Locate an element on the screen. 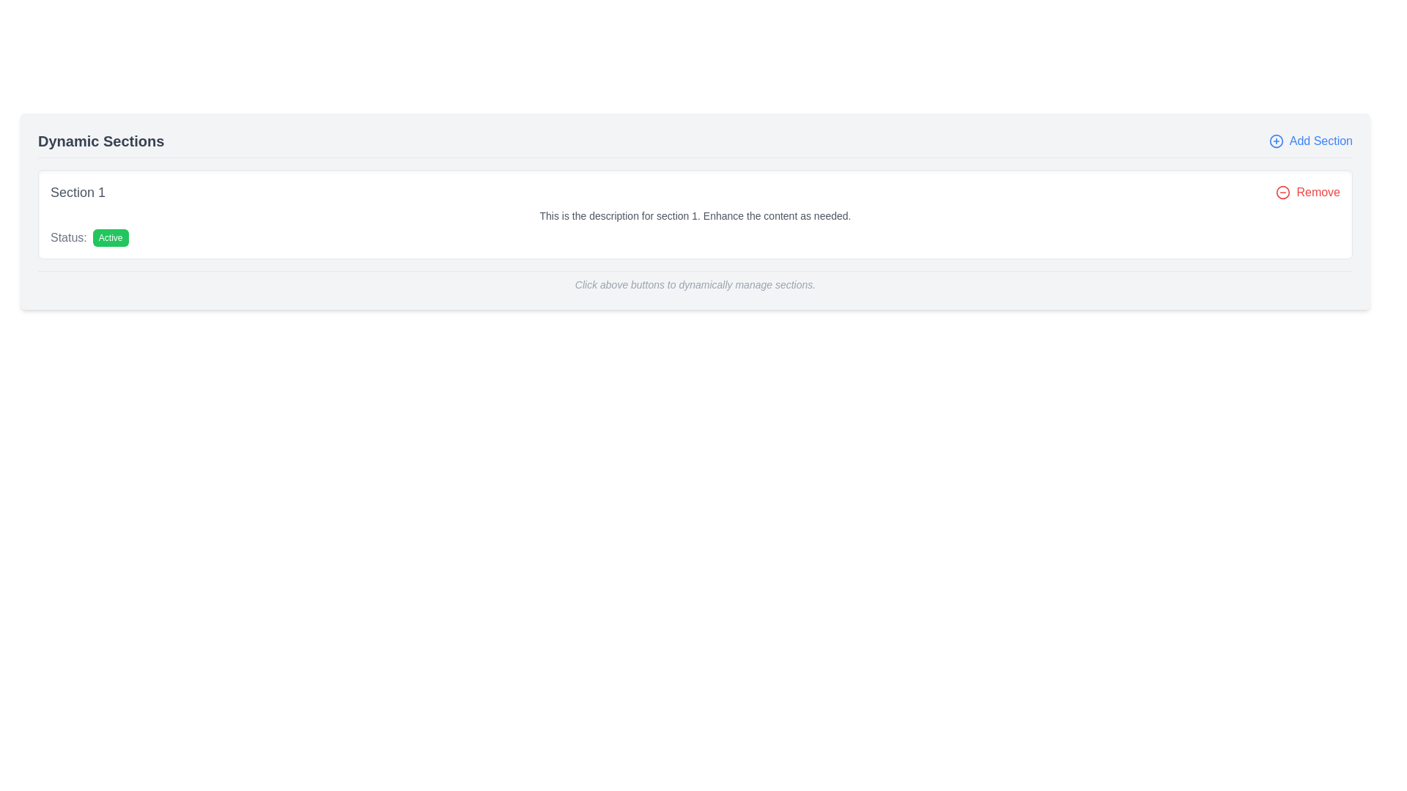 The height and width of the screenshot is (791, 1407). the clickable text label associated with adding a new section, located to the right of the blue '+' icon in the upper-right area of the interface is located at coordinates (1321, 141).